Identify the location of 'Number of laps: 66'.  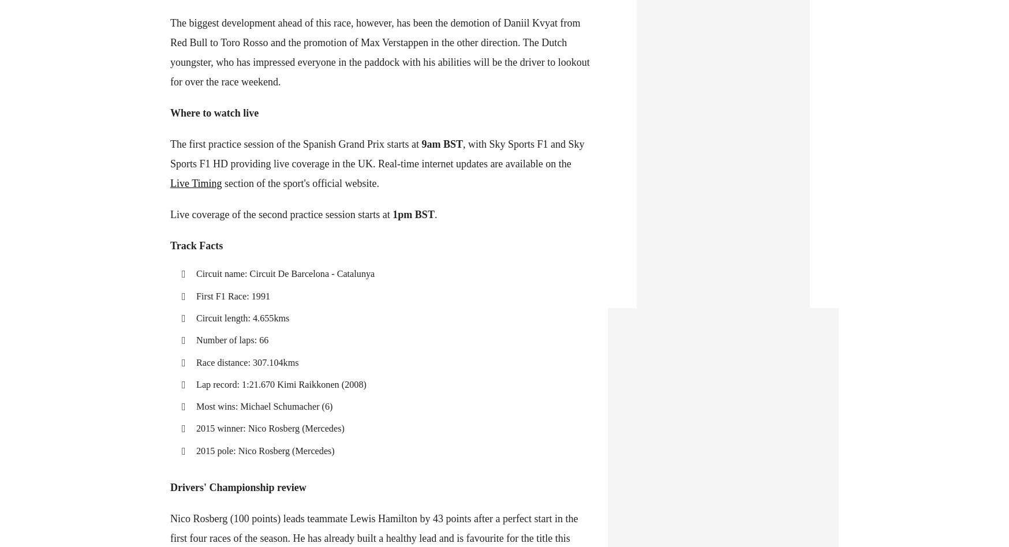
(232, 340).